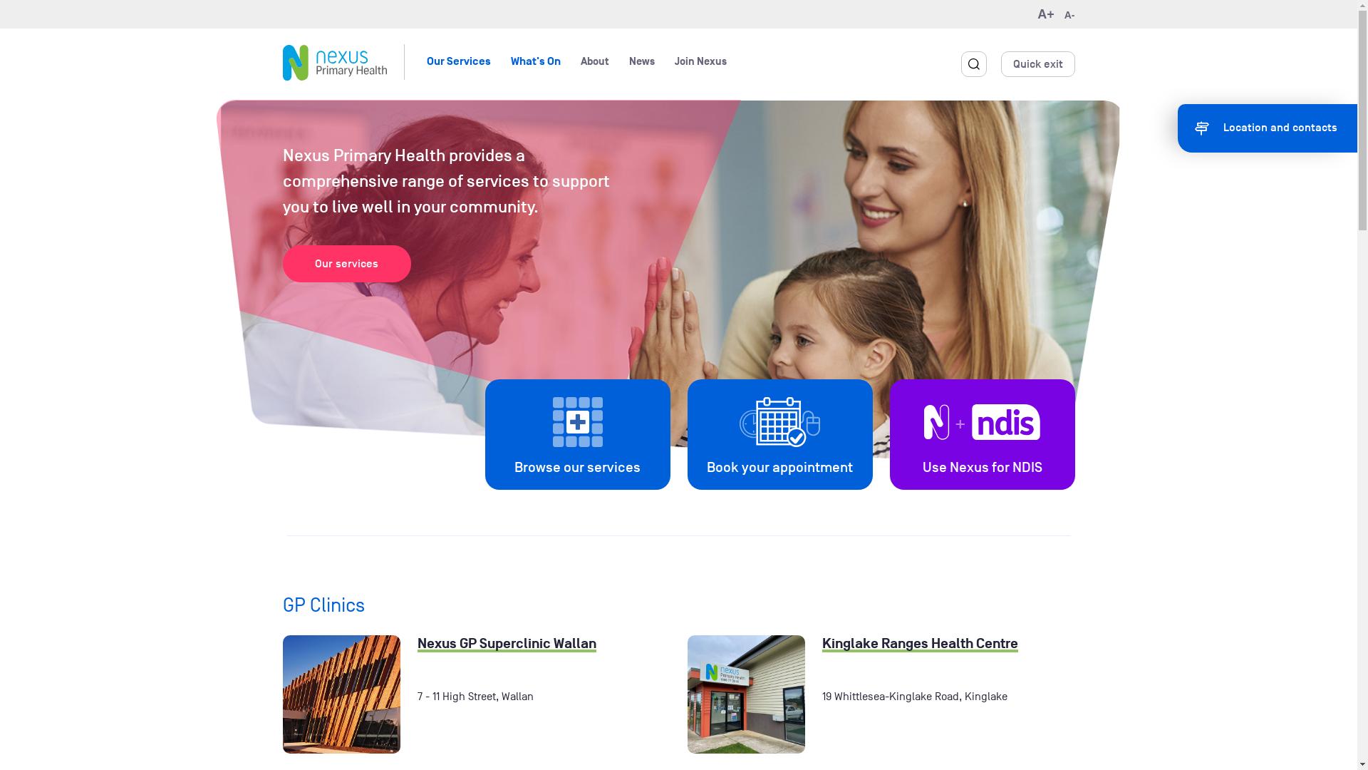  I want to click on 'Kinglake Ranges Health Centre', so click(920, 643).